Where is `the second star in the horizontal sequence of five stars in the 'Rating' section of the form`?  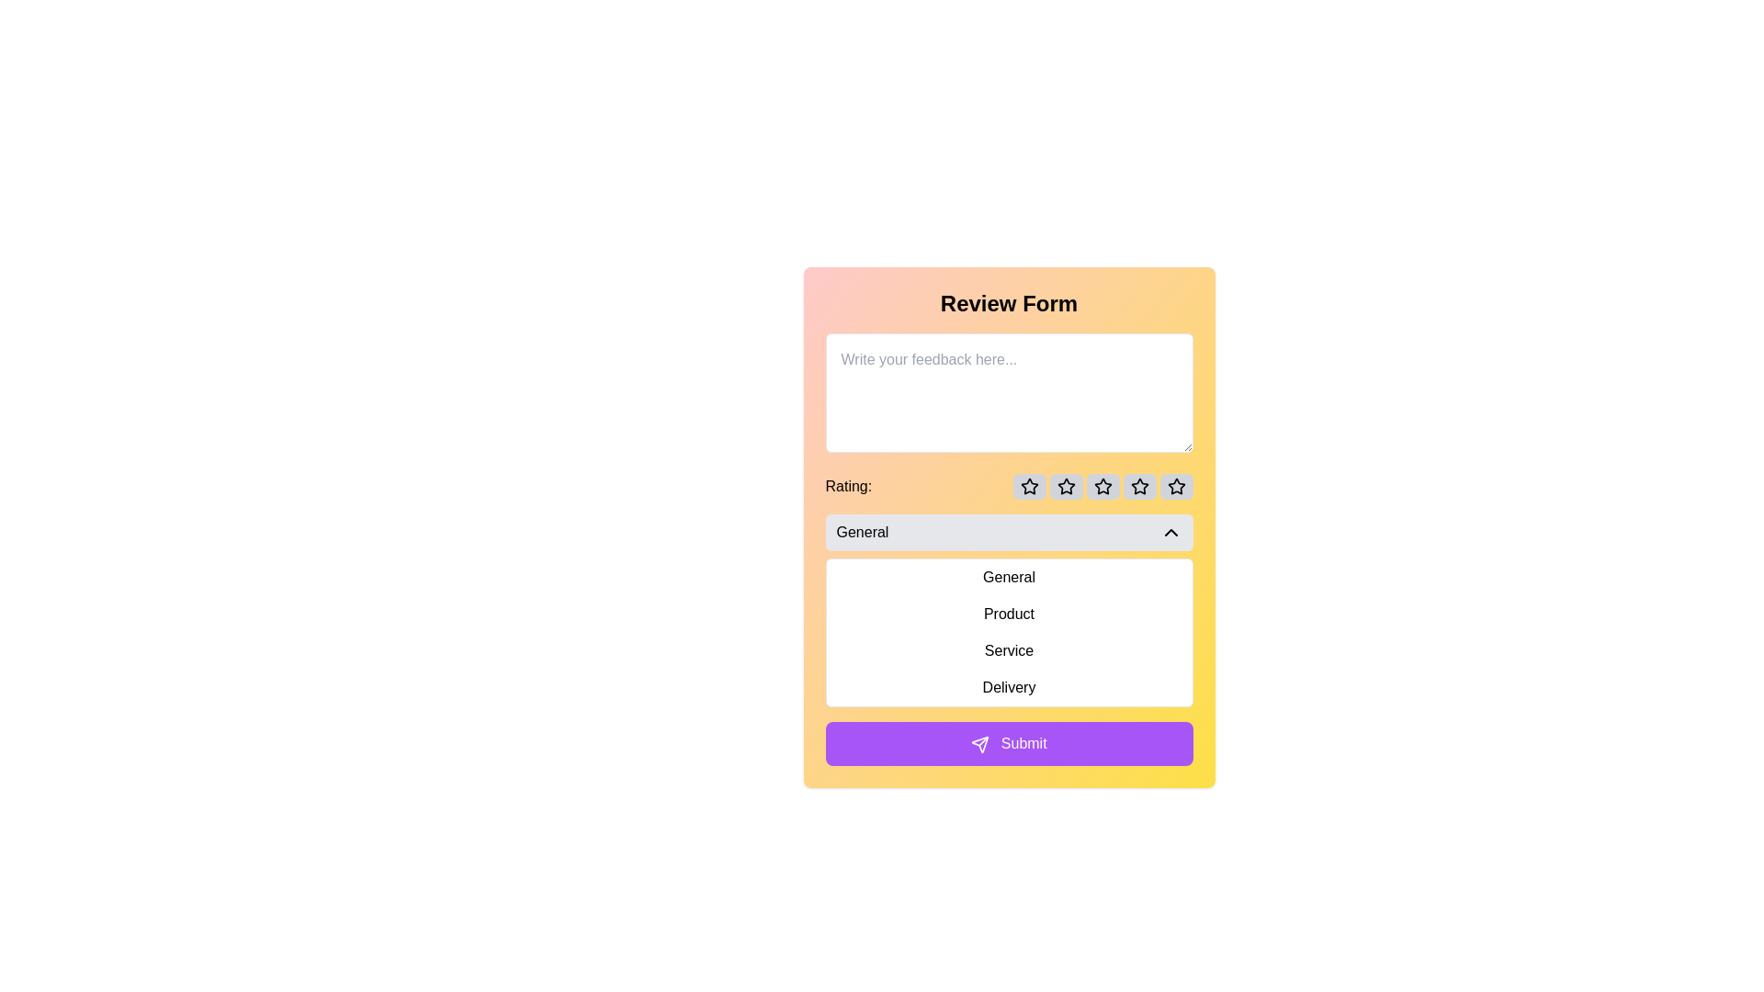 the second star in the horizontal sequence of five stars in the 'Rating' section of the form is located at coordinates (1066, 485).